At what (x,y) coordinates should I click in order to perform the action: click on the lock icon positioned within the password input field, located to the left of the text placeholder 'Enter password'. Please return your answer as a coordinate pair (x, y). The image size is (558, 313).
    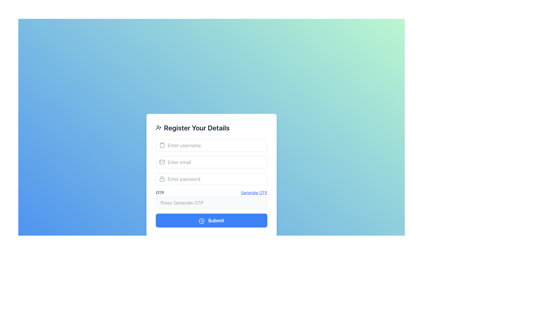
    Looking at the image, I should click on (162, 179).